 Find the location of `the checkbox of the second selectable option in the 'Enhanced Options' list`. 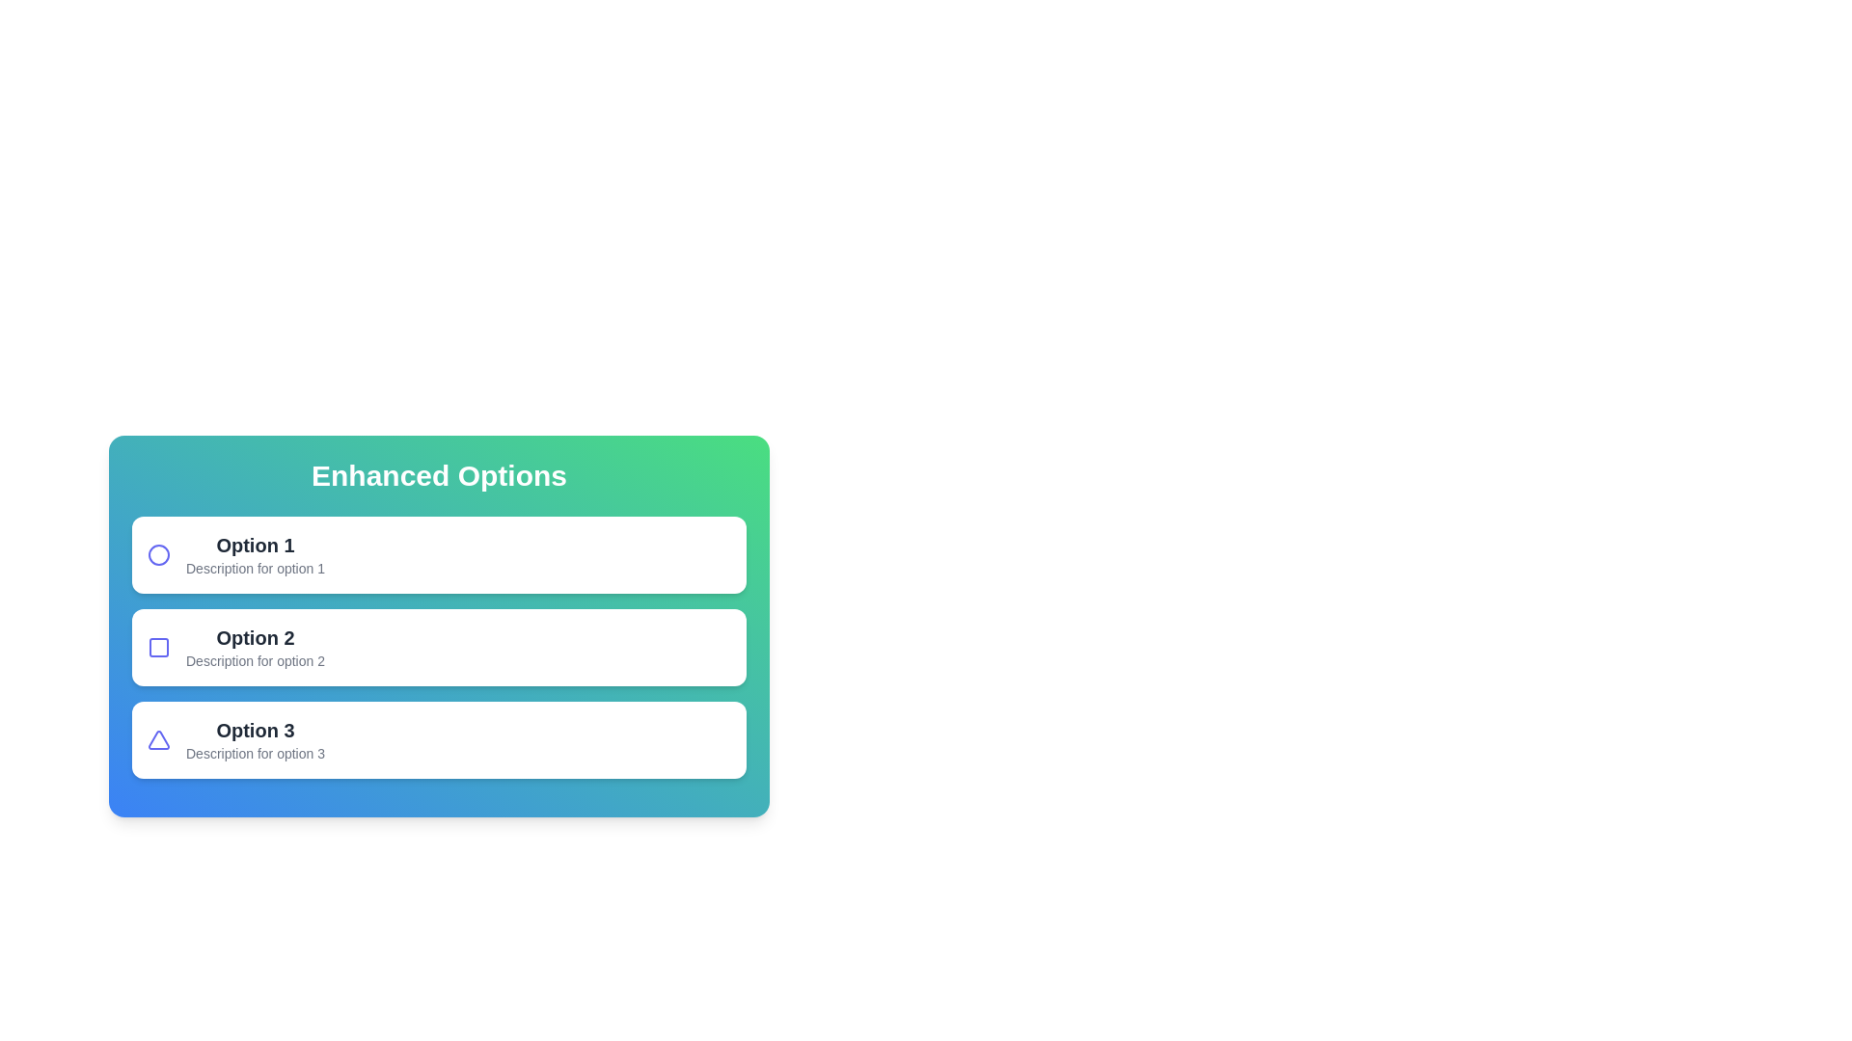

the checkbox of the second selectable option in the 'Enhanced Options' list is located at coordinates (438, 647).